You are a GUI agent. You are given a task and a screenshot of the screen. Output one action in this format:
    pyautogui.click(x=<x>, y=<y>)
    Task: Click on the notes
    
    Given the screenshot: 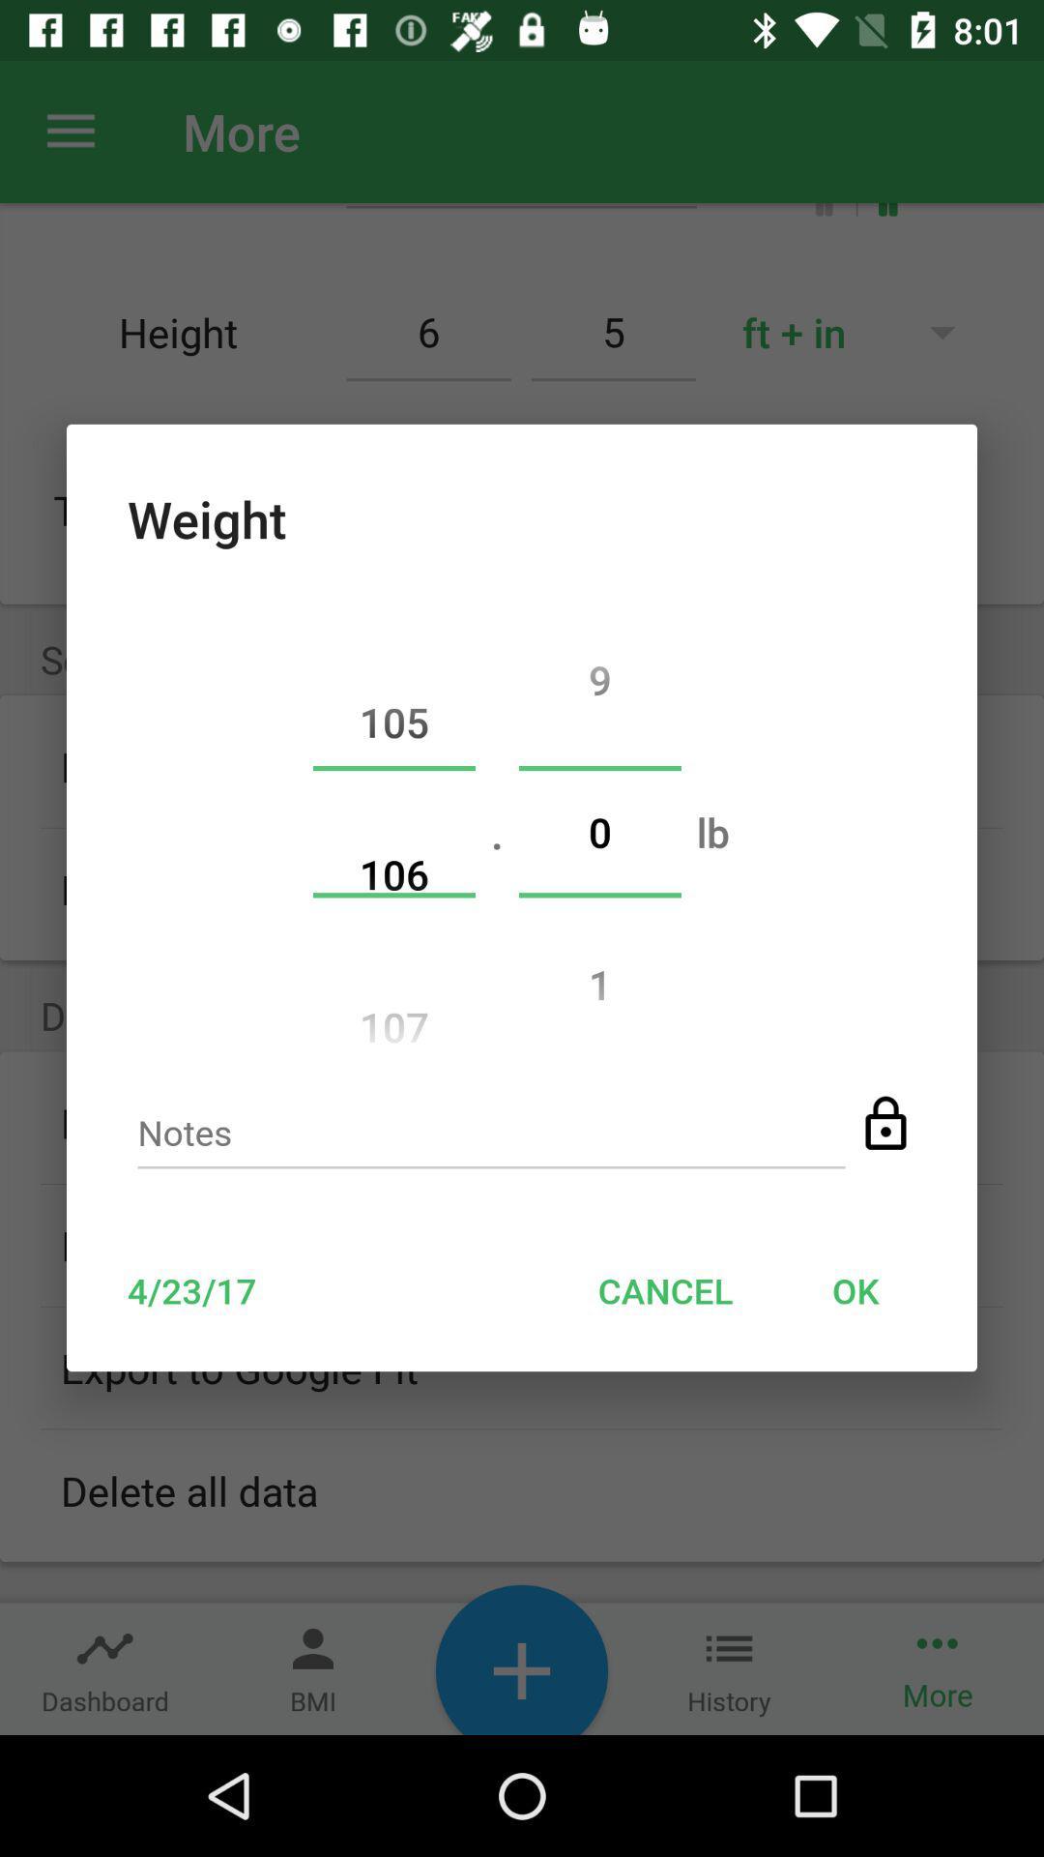 What is the action you would take?
    pyautogui.click(x=490, y=1138)
    